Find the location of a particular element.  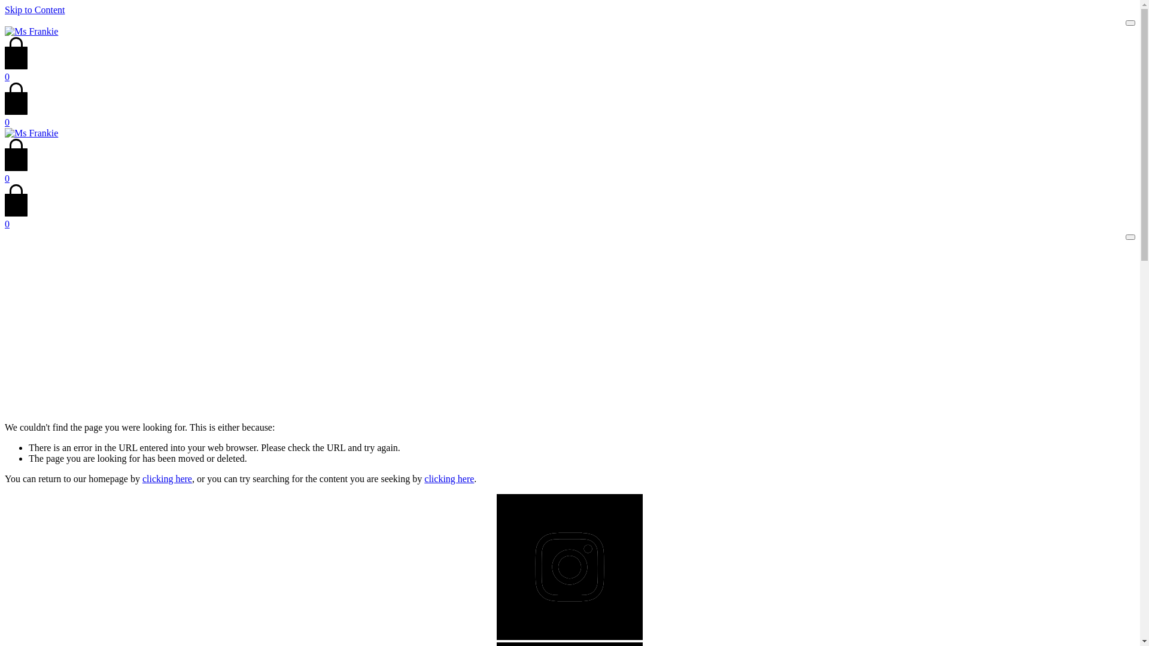

'Skip to Content' is located at coordinates (5, 10).